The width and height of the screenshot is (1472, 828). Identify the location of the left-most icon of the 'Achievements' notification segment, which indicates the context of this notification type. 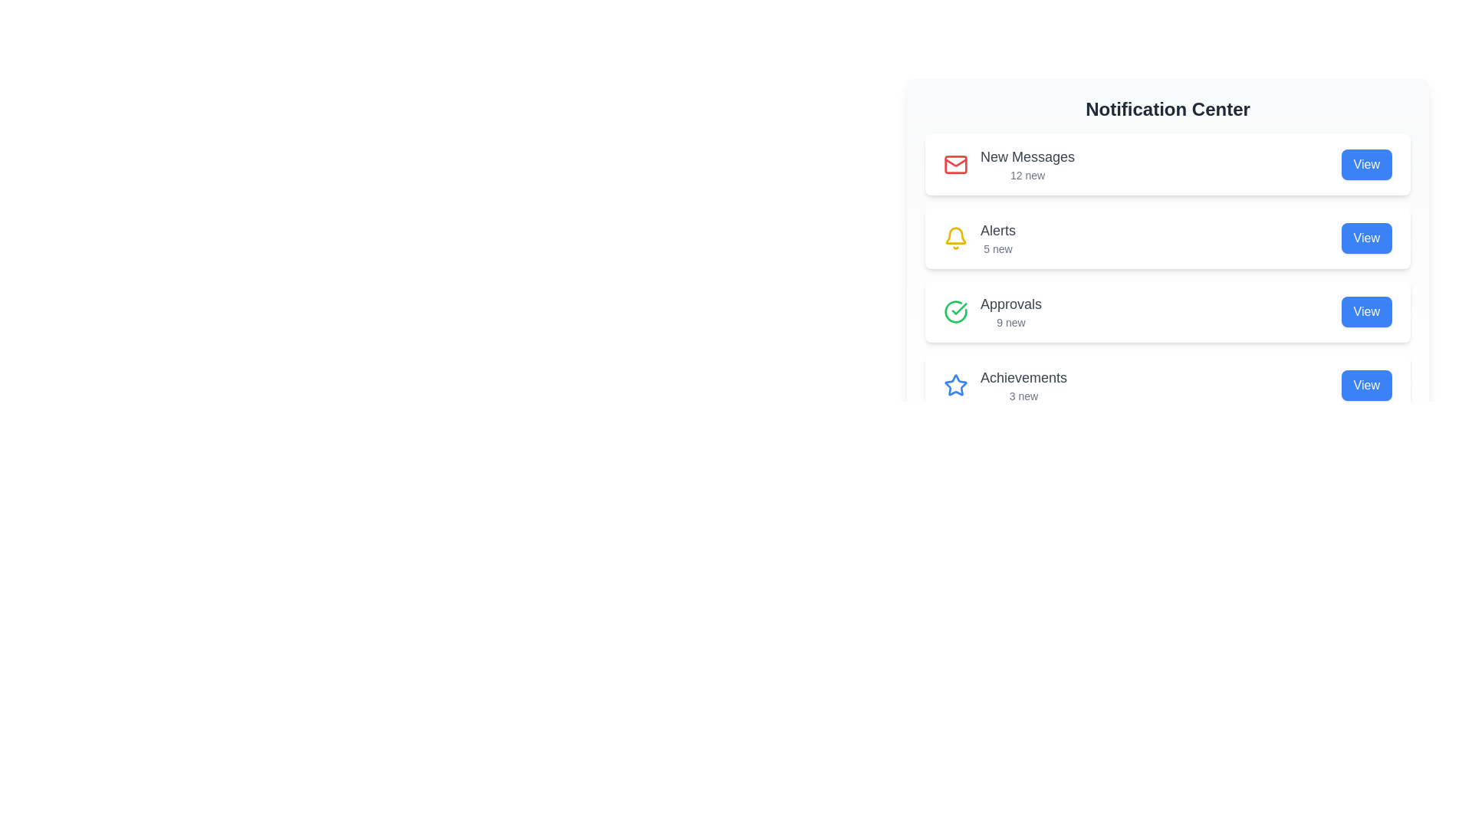
(955, 384).